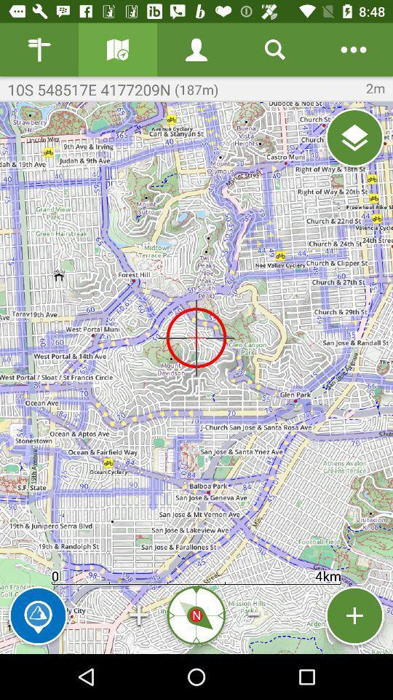 The image size is (393, 700). Describe the element at coordinates (117, 50) in the screenshot. I see `displays different map` at that location.